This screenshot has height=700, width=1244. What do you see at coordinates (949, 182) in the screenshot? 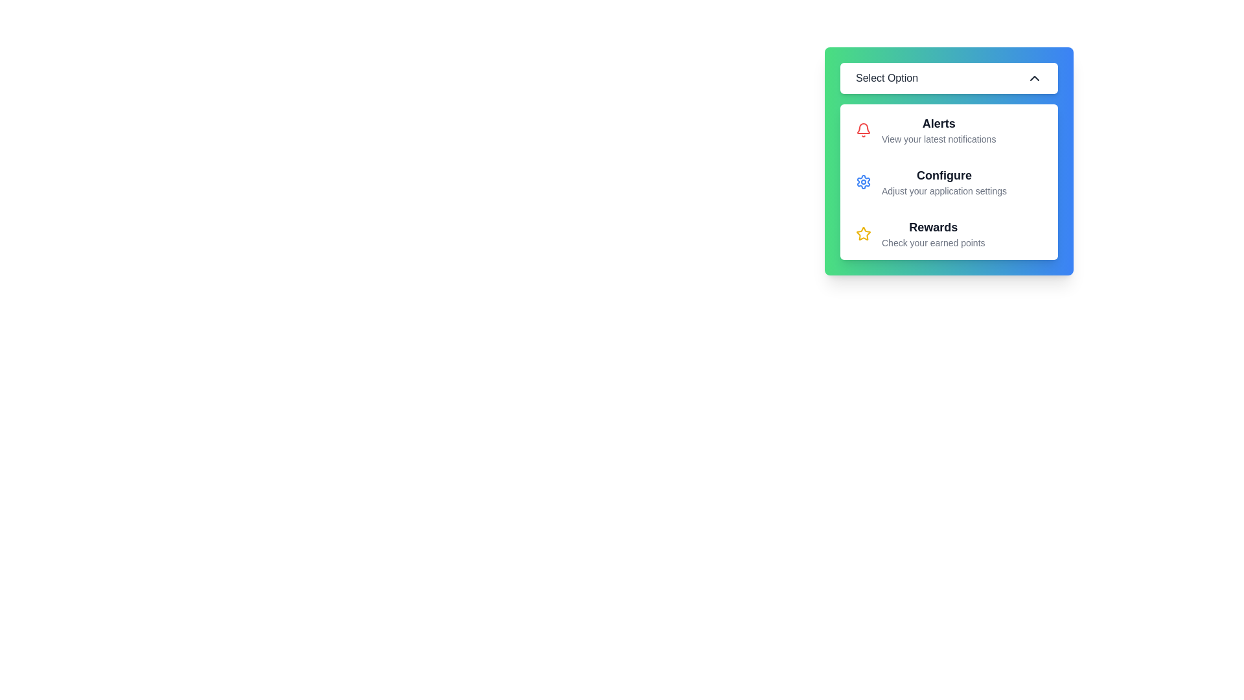
I see `the 'Configure' text of the second item in the vertically arranged list under the dropdown menu` at bounding box center [949, 182].